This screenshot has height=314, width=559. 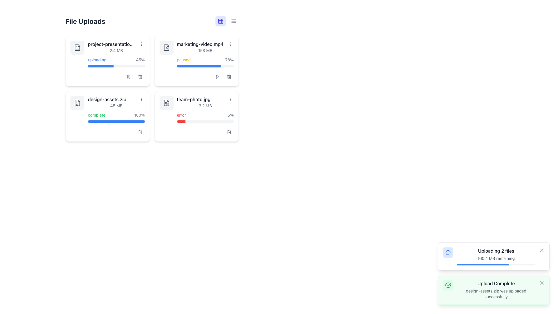 I want to click on the text label indicating 'paused' in italicized yellow text, located on the second card in the upper-right quadrant, above a progress bar and next to the file name 'marketing-video.mp4', so click(x=183, y=60).